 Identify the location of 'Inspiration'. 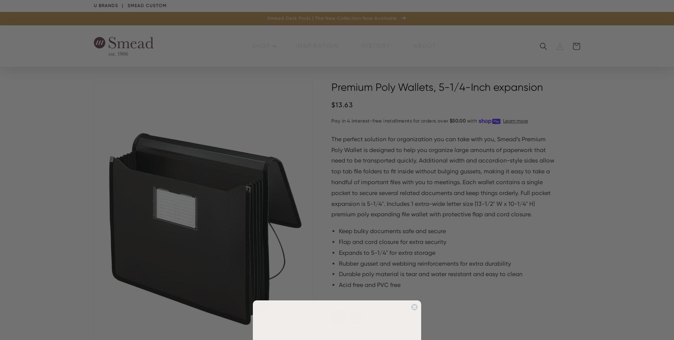
(317, 46).